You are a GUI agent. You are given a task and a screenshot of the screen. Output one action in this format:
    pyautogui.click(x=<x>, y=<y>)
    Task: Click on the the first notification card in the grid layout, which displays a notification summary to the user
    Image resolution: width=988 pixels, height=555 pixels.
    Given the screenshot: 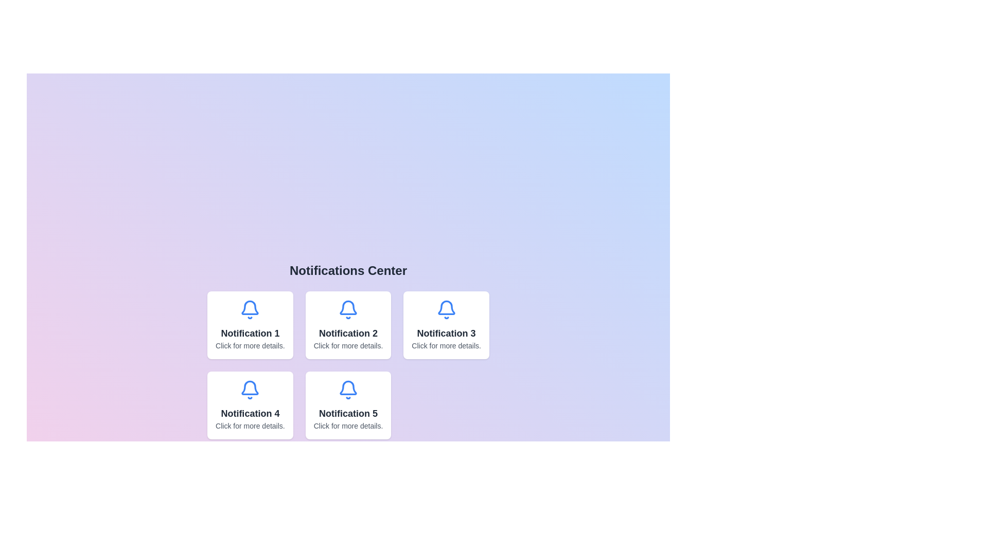 What is the action you would take?
    pyautogui.click(x=250, y=325)
    